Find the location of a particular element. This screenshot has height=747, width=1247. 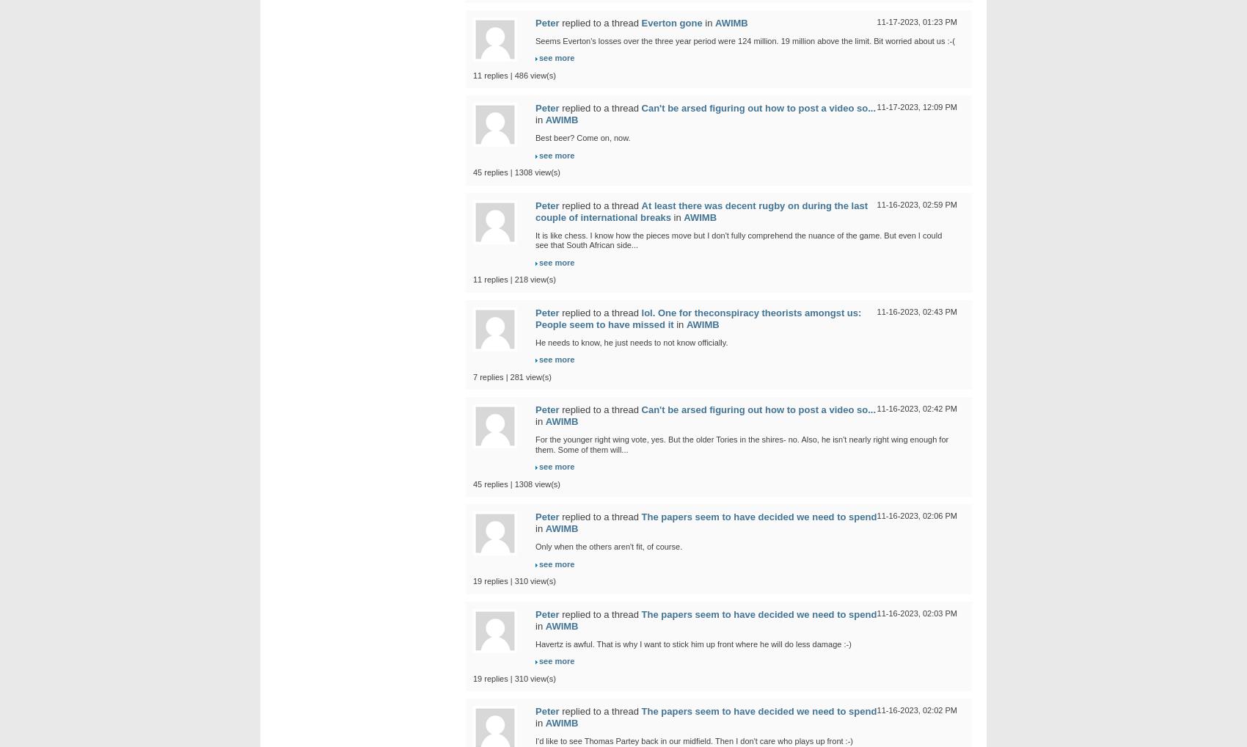

'He needs to know, he just needs to not know officially.' is located at coordinates (632, 342).